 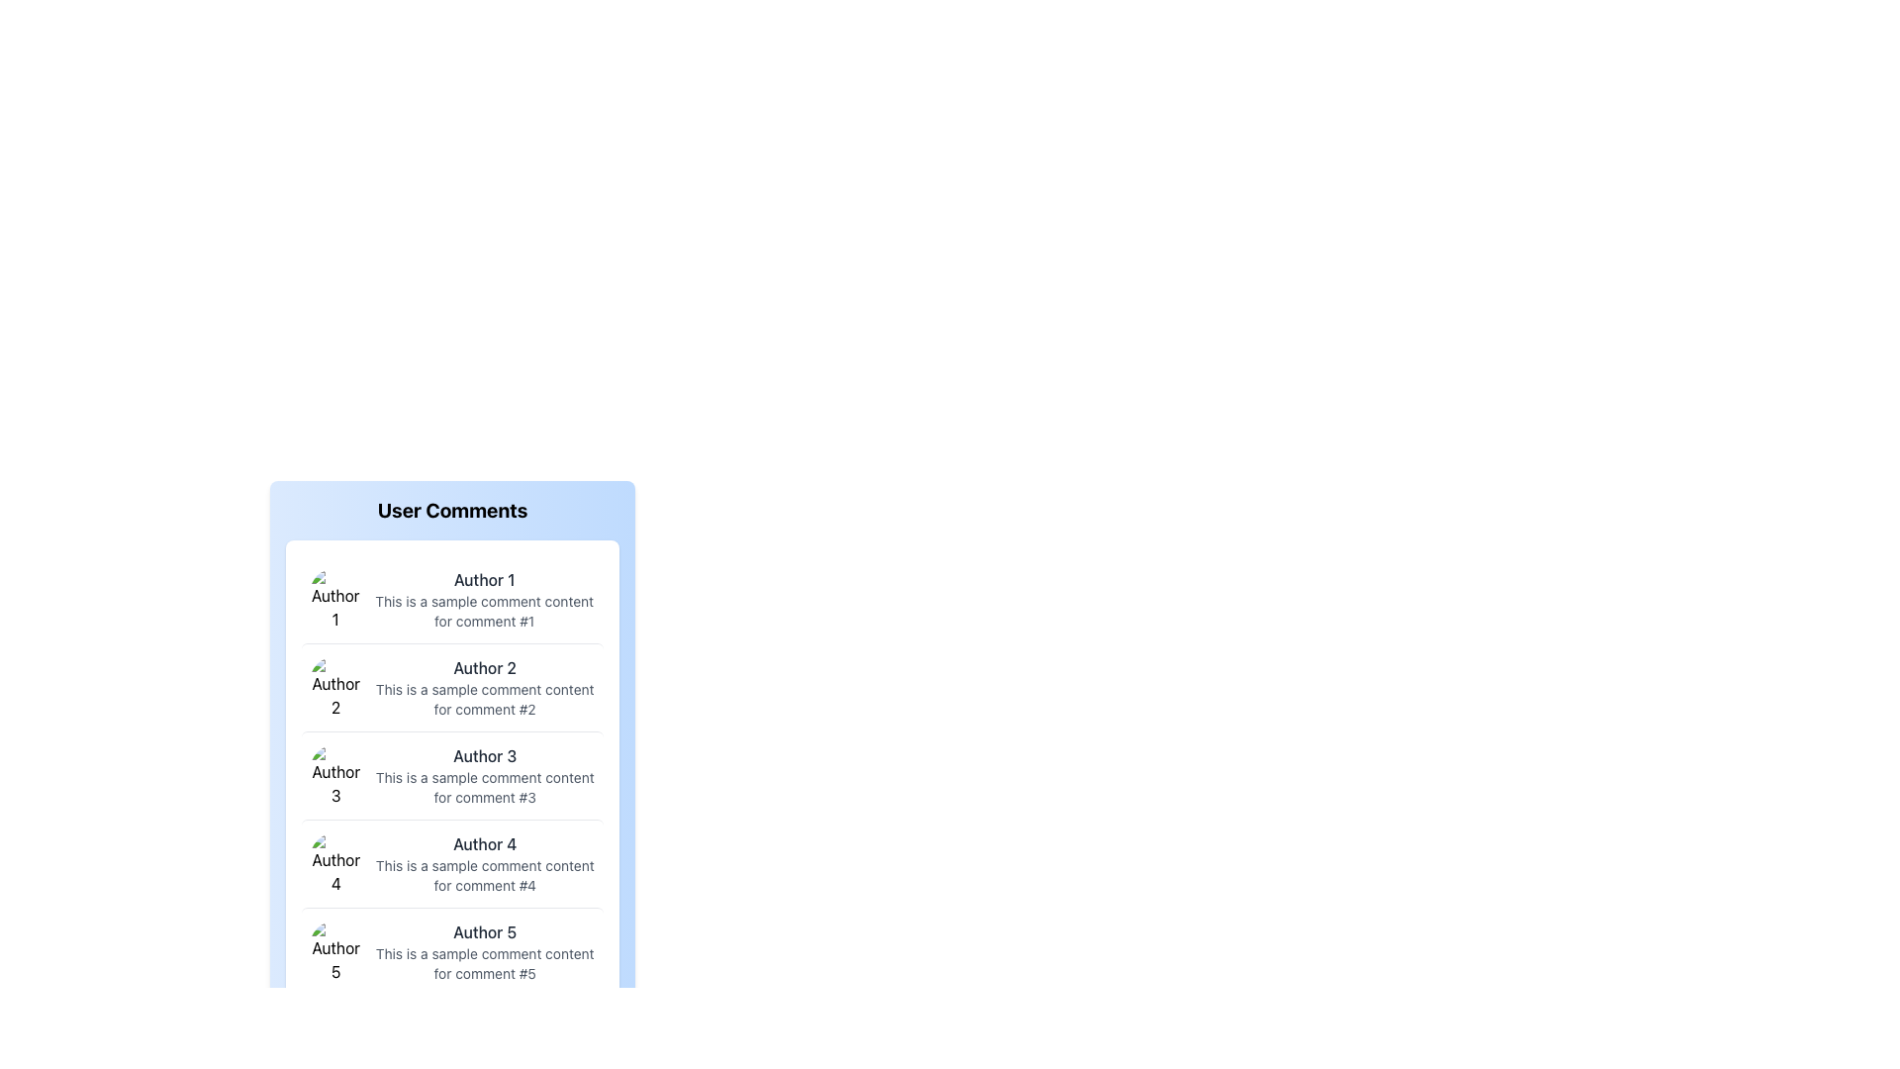 I want to click on the Text Label that identifies the author of the third comment in the user comments section, so click(x=485, y=755).